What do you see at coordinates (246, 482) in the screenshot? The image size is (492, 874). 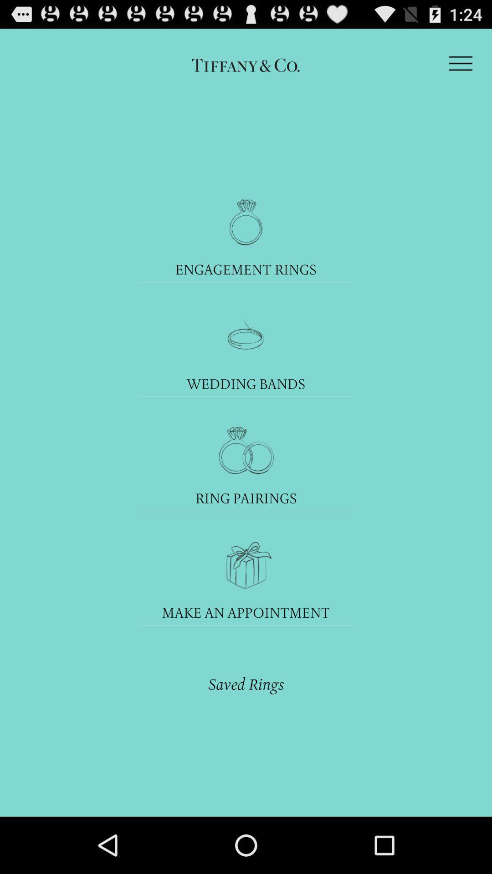 I see `the avatar icon` at bounding box center [246, 482].